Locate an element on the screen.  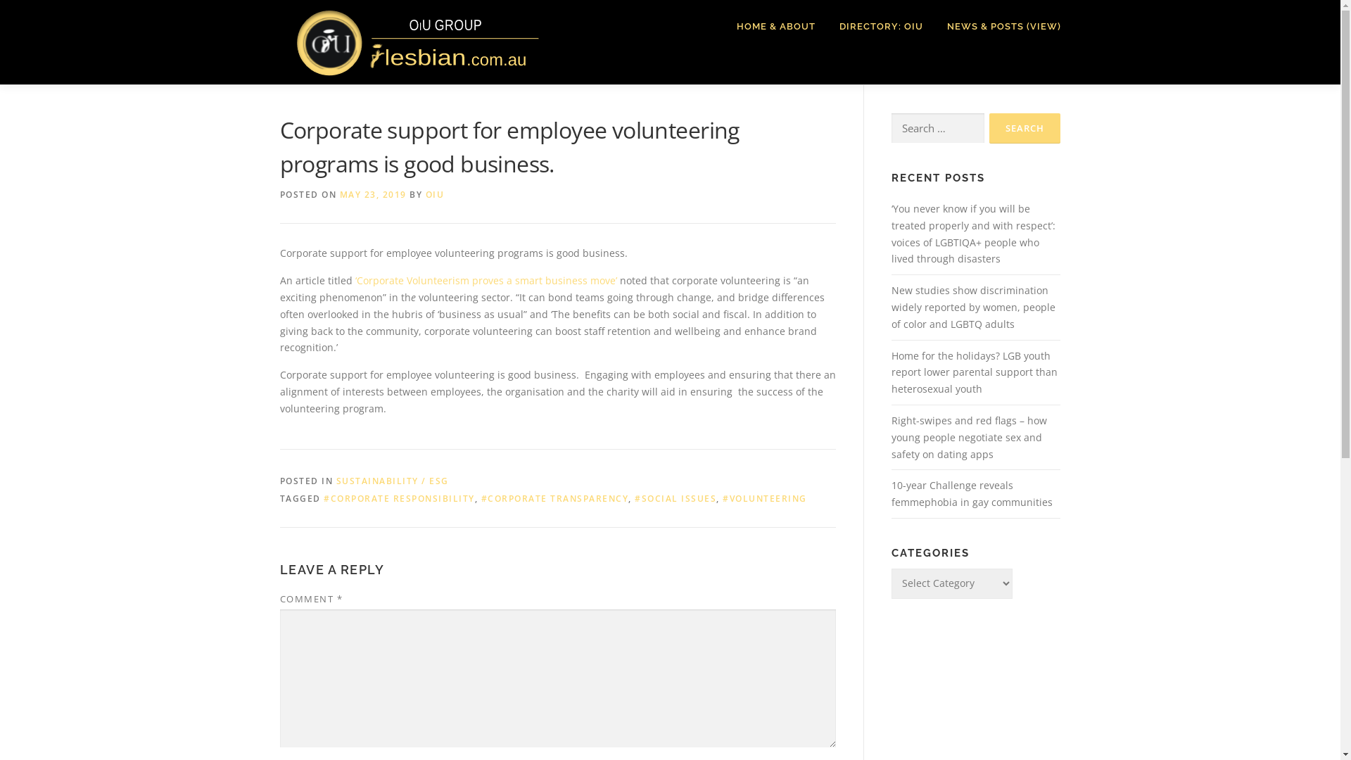
'HOME & ABOUT' is located at coordinates (775, 26).